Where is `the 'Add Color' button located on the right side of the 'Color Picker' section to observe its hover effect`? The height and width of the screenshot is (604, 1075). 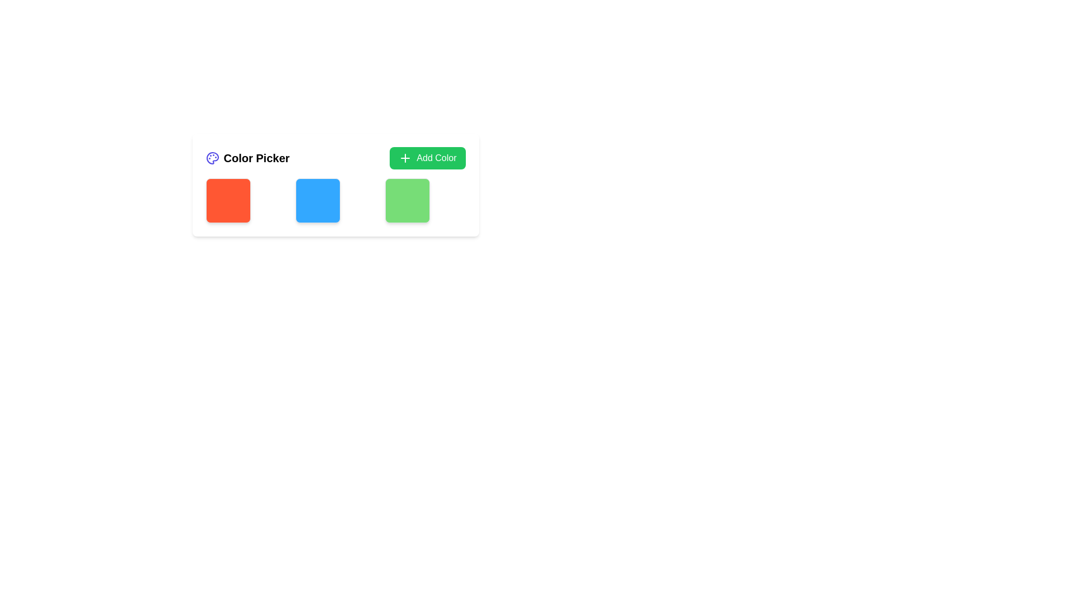 the 'Add Color' button located on the right side of the 'Color Picker' section to observe its hover effect is located at coordinates (427, 158).